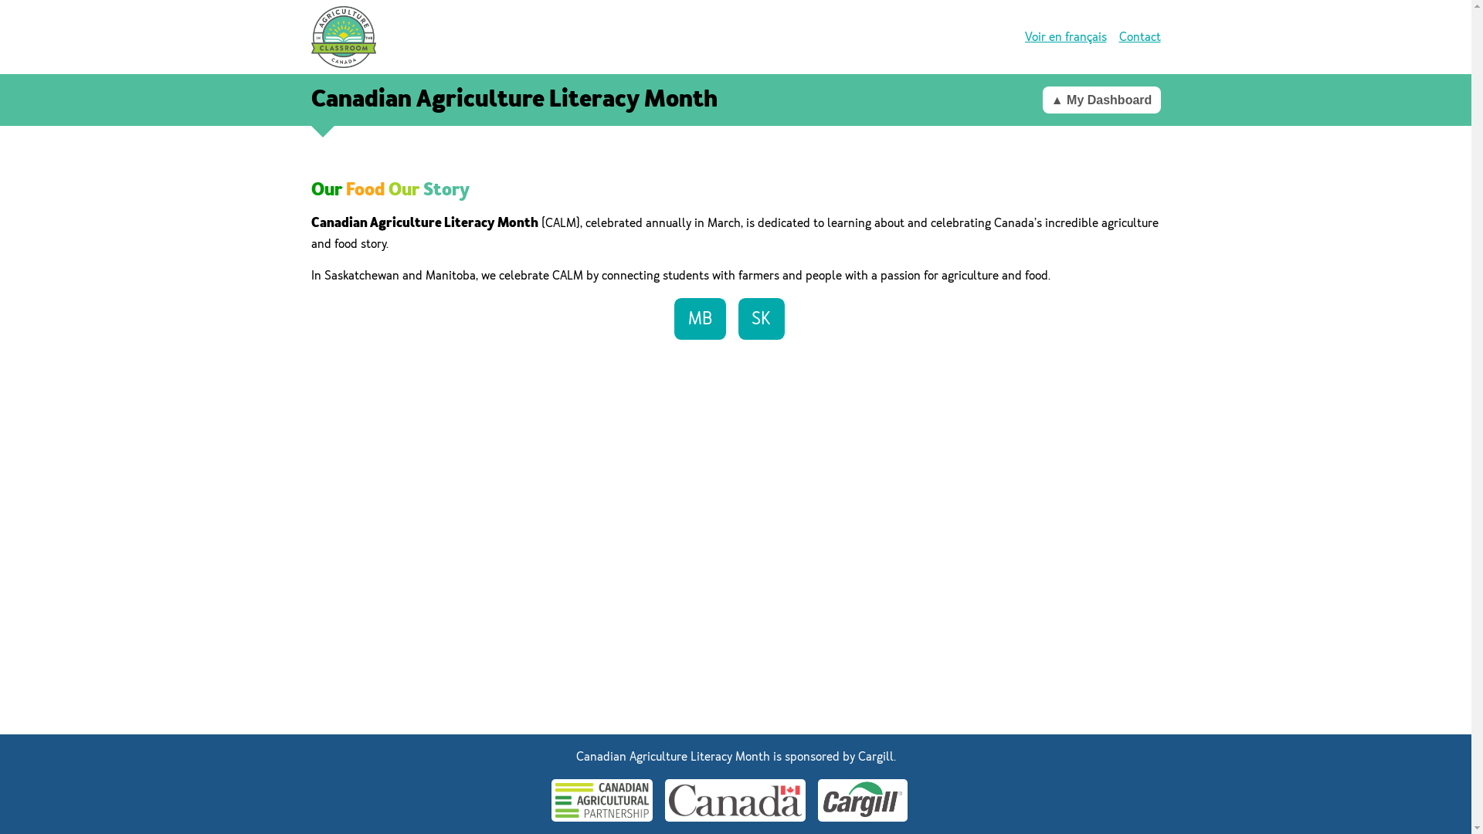 This screenshot has height=834, width=1483. Describe the element at coordinates (737, 317) in the screenshot. I see `'SK'` at that location.